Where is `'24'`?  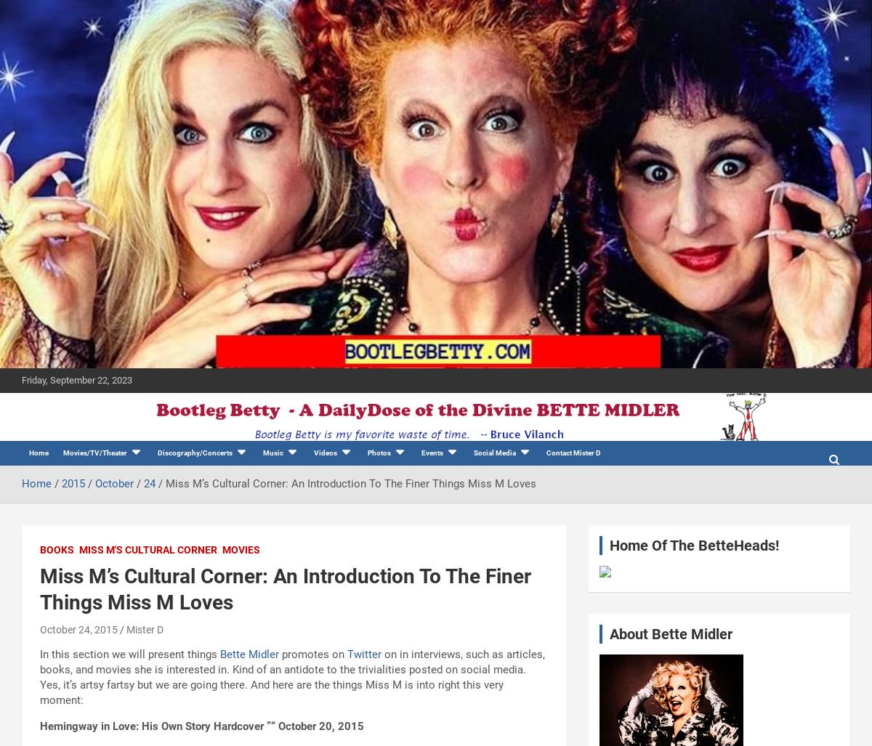
'24' is located at coordinates (149, 483).